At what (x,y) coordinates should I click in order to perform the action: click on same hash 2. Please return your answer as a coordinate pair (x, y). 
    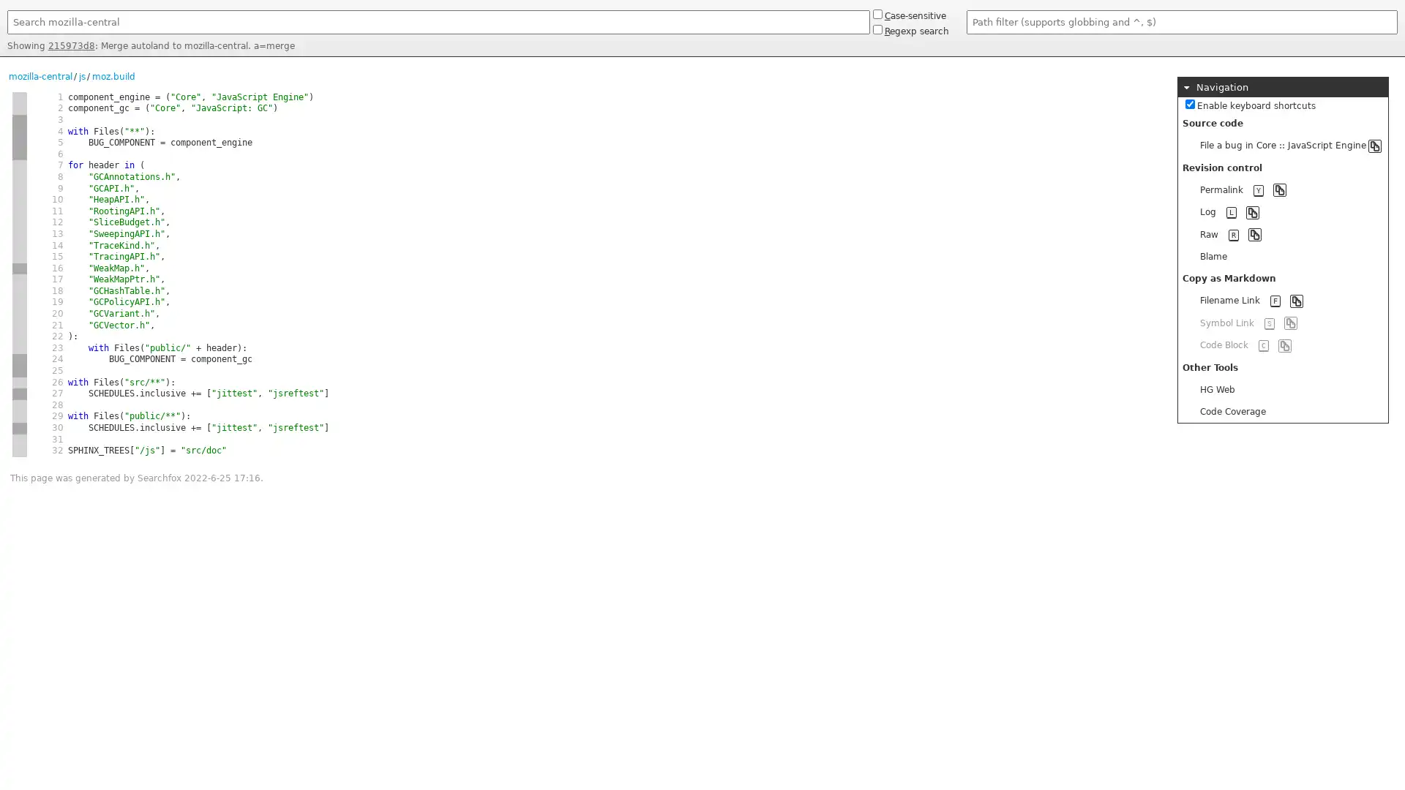
    Looking at the image, I should click on (20, 154).